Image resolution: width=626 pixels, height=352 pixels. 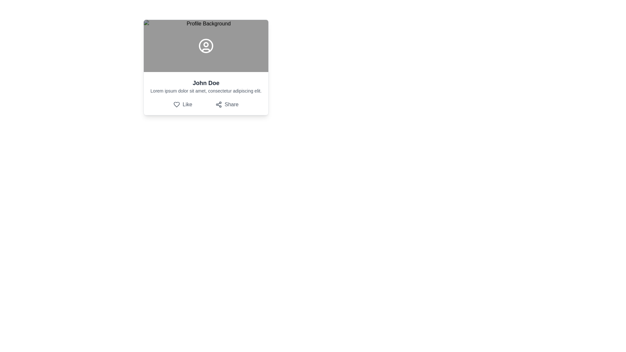 I want to click on the largest SVG circle graphic component that represents part of the user avatar, located at the top section of the user profile card, so click(x=206, y=46).